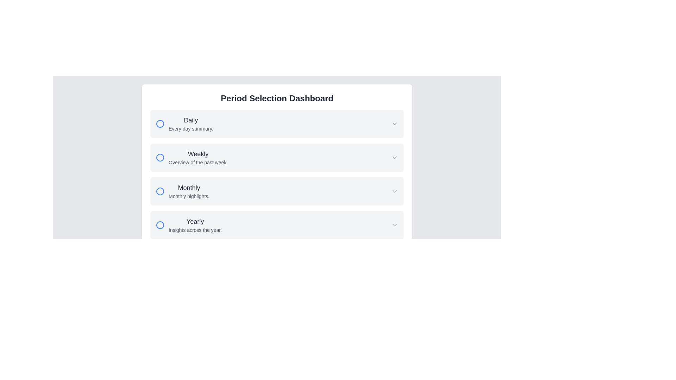 This screenshot has height=380, width=676. I want to click on the SVG circle element located near the 'Daily' label in the period selection options, so click(160, 123).